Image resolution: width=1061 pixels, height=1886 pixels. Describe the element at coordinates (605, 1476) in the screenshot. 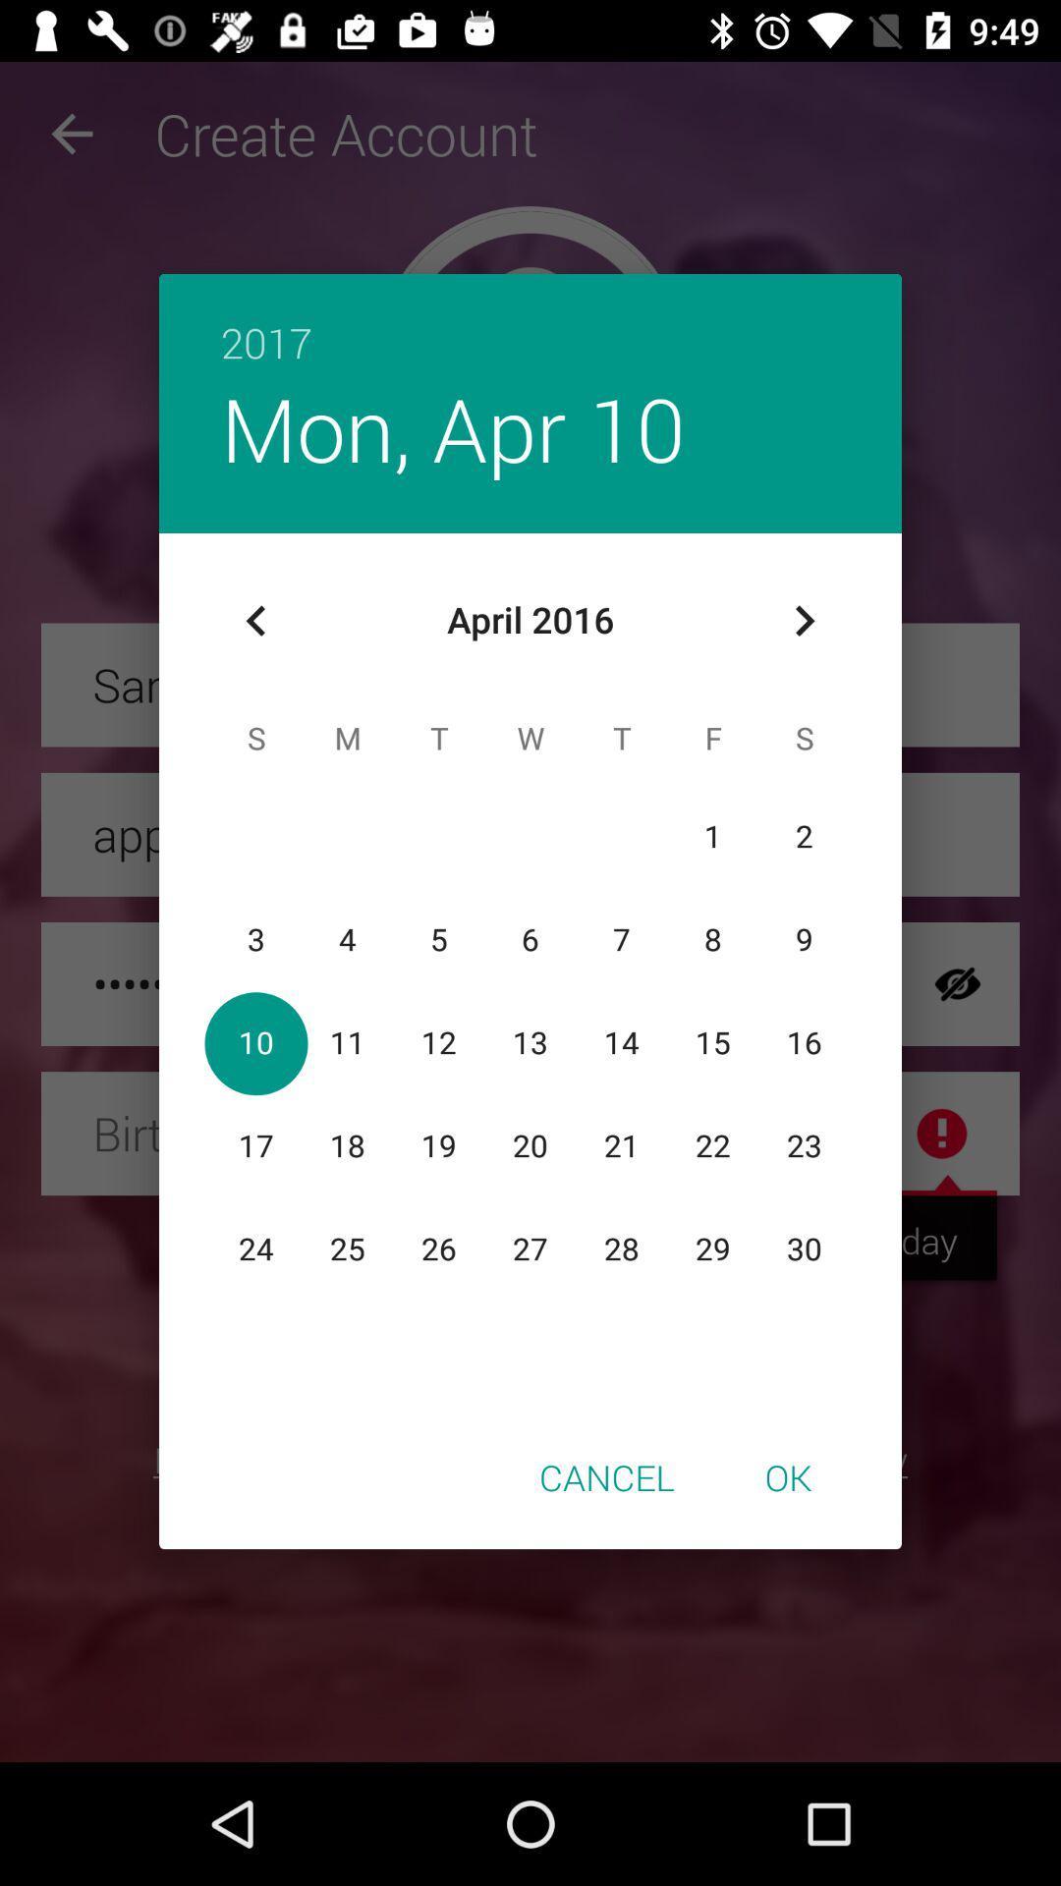

I see `item next to the ok item` at that location.